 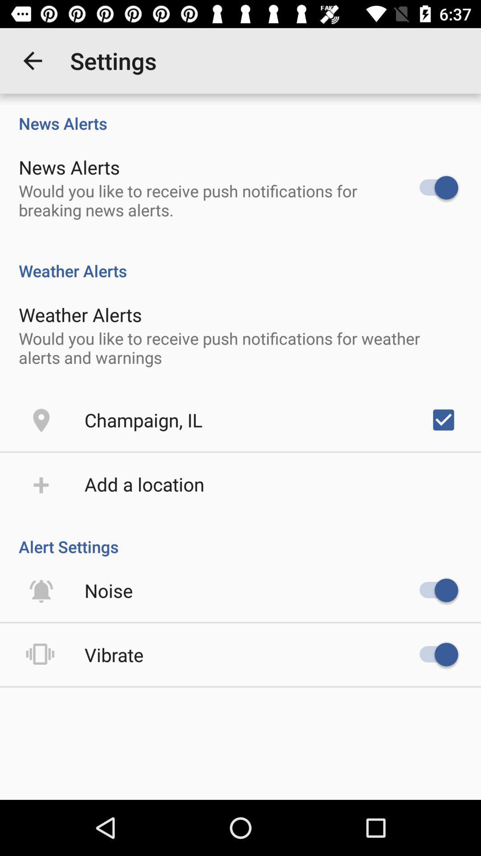 What do you see at coordinates (443, 419) in the screenshot?
I see `icon to the right of the champaign, il` at bounding box center [443, 419].